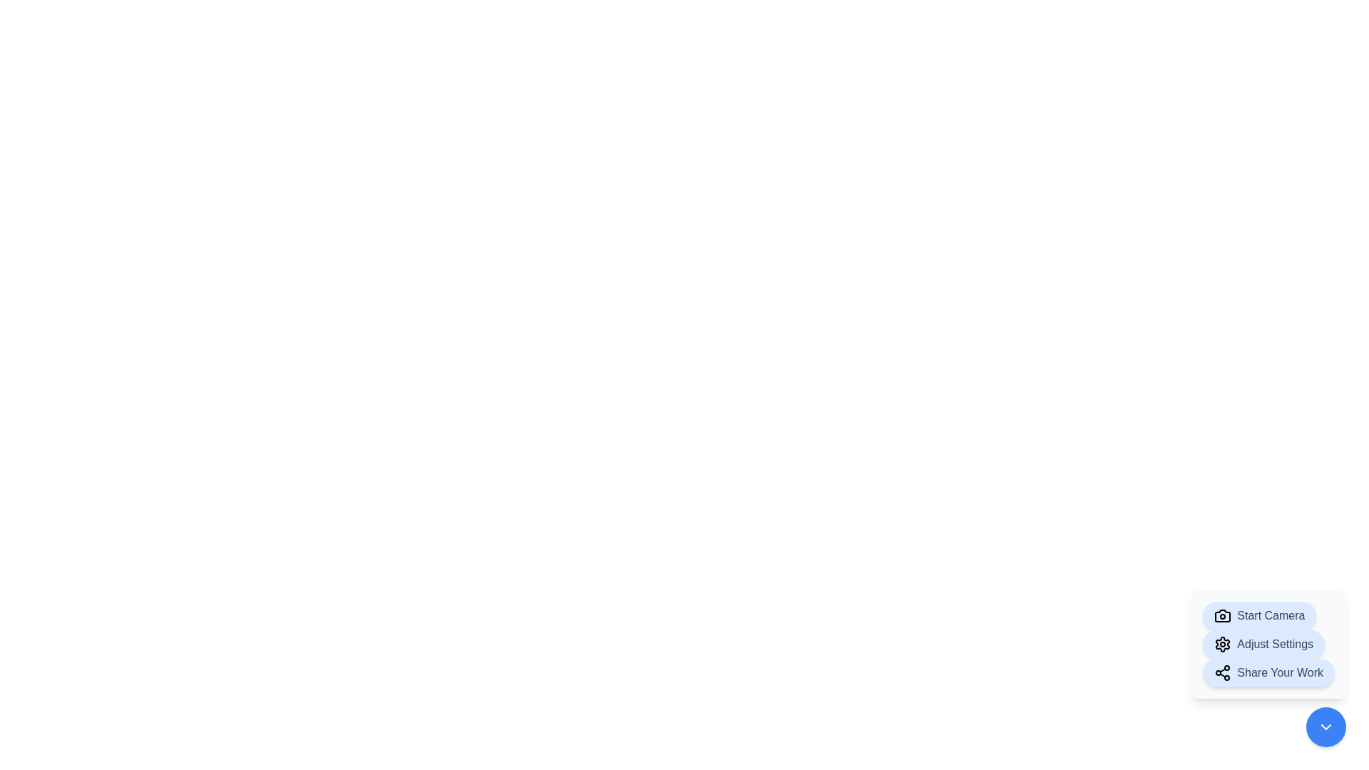  What do you see at coordinates (1222, 644) in the screenshot?
I see `the gear icon located at the top-right of the submenu in the modal window's lower-right area` at bounding box center [1222, 644].